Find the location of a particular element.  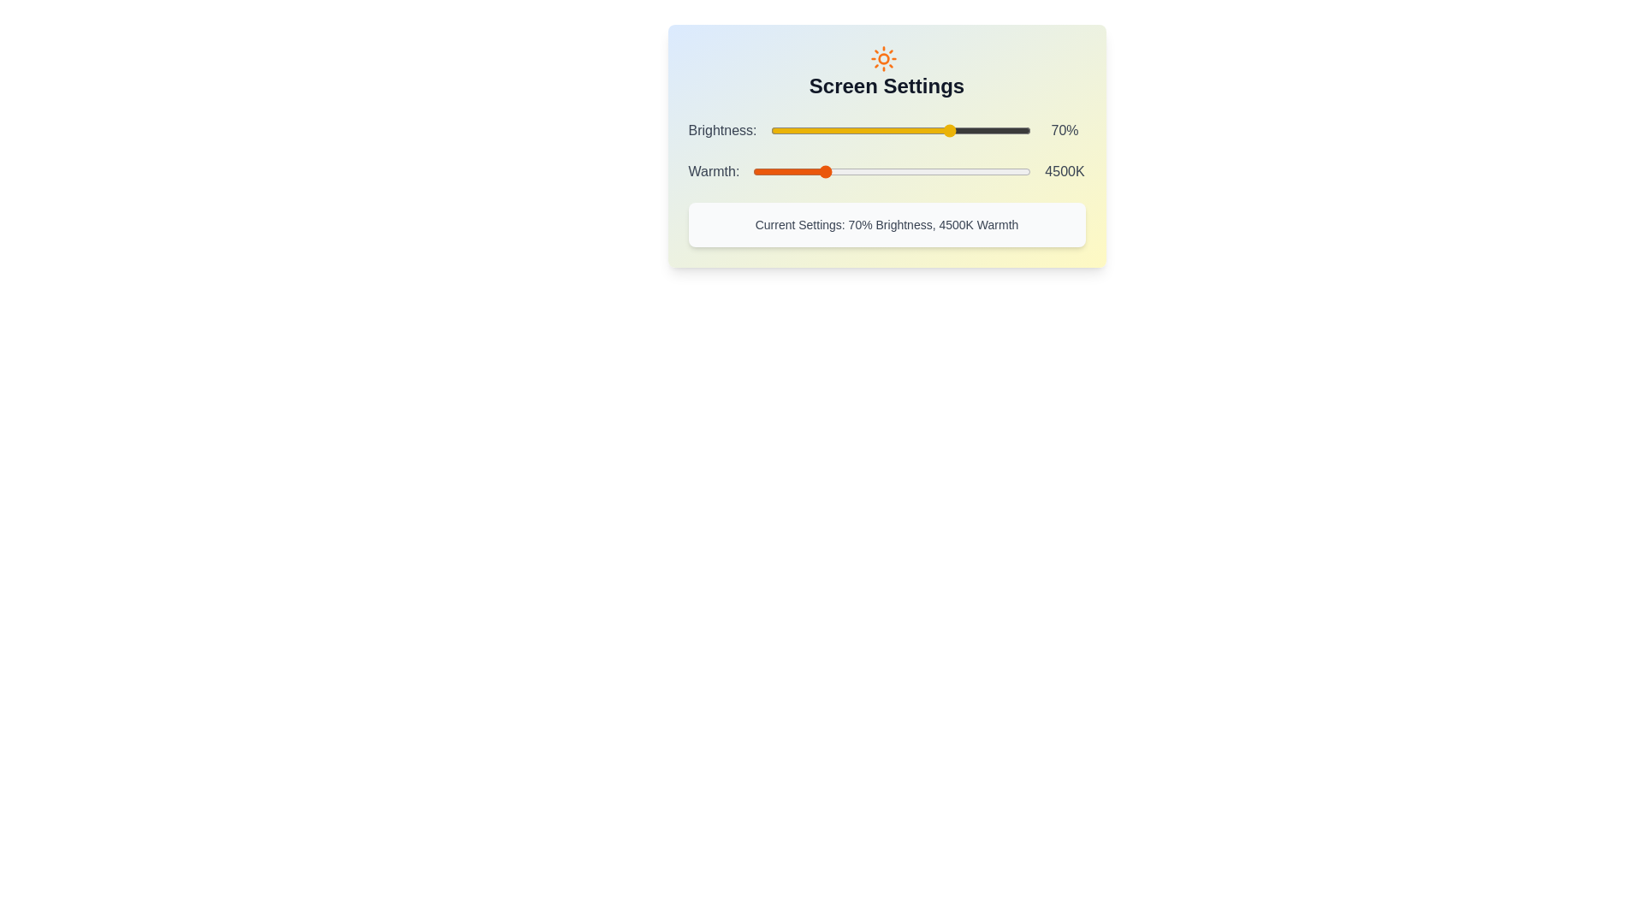

the Warmth slider to set the warmth to 5048 K is located at coordinates (847, 171).